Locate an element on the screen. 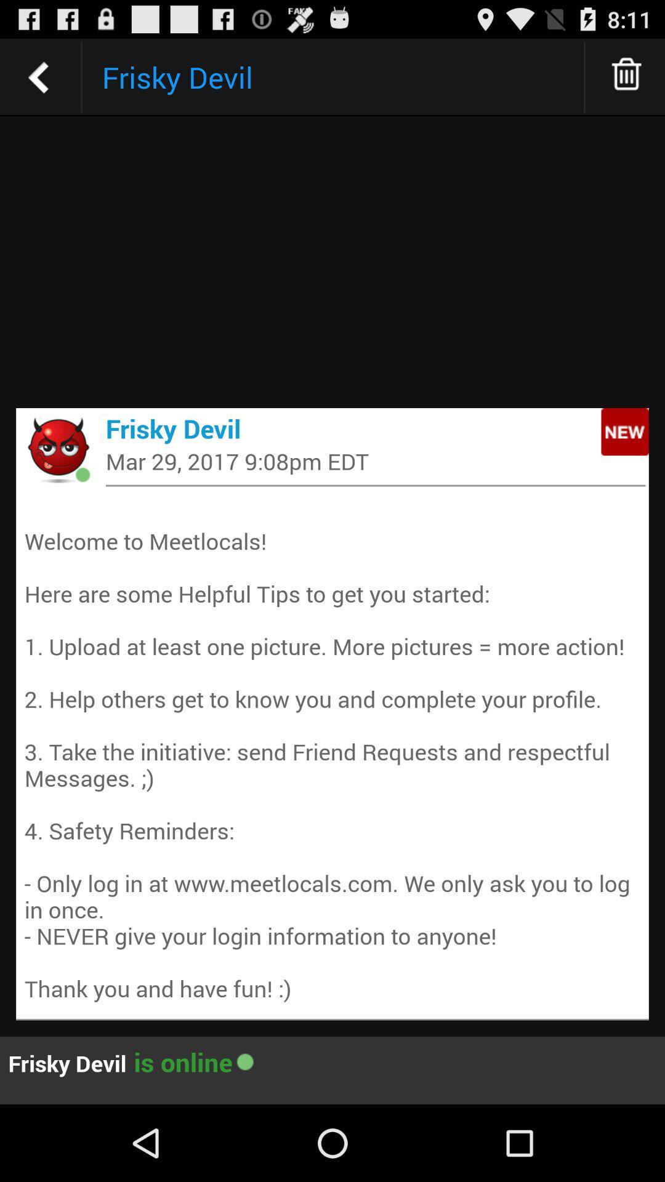 The width and height of the screenshot is (665, 1182). the app below mar 29 2017 item is located at coordinates (375, 484).